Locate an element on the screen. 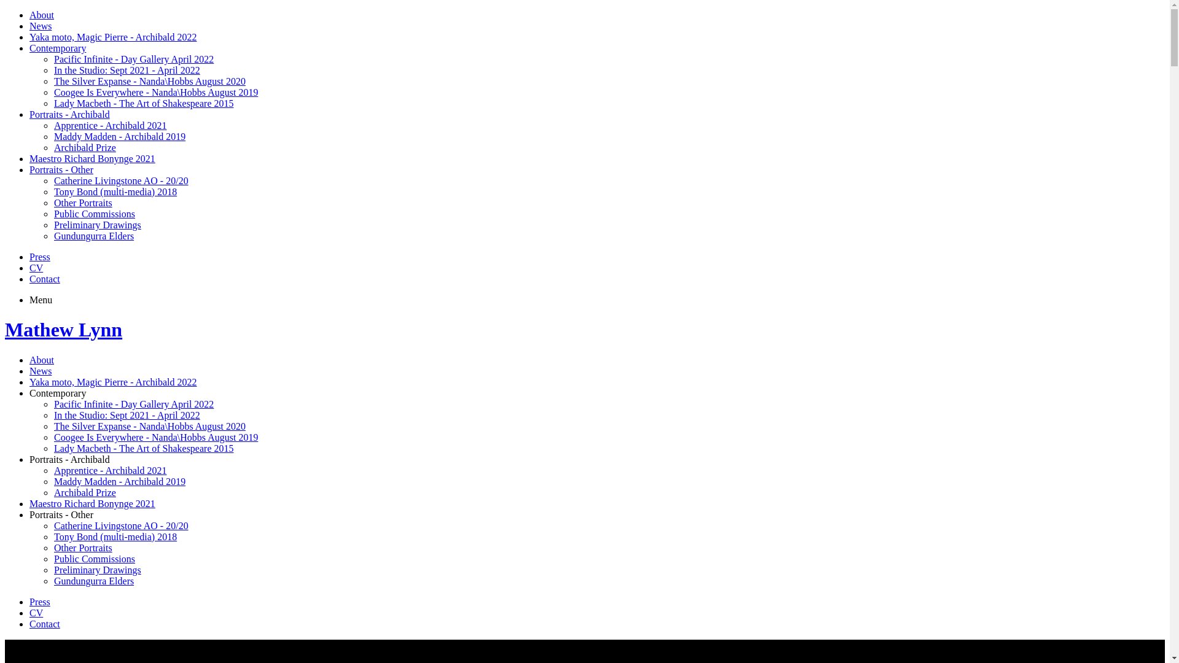  'Maestro Richard Bonynge 2021' is located at coordinates (29, 503).